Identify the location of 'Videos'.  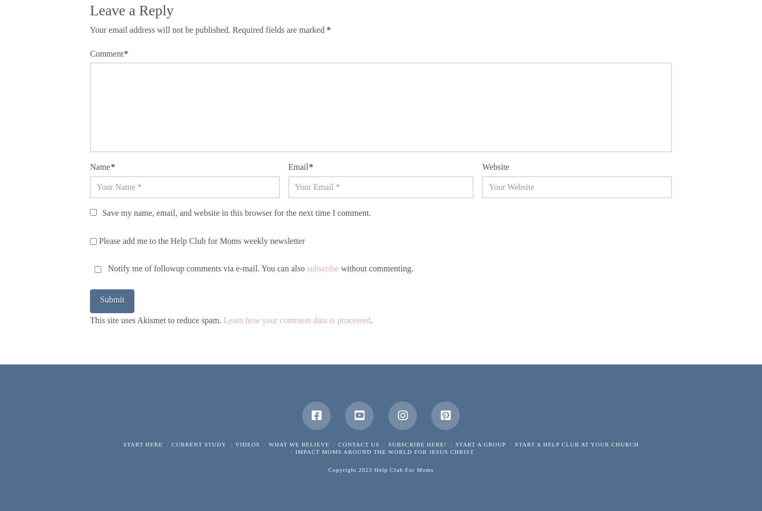
(247, 443).